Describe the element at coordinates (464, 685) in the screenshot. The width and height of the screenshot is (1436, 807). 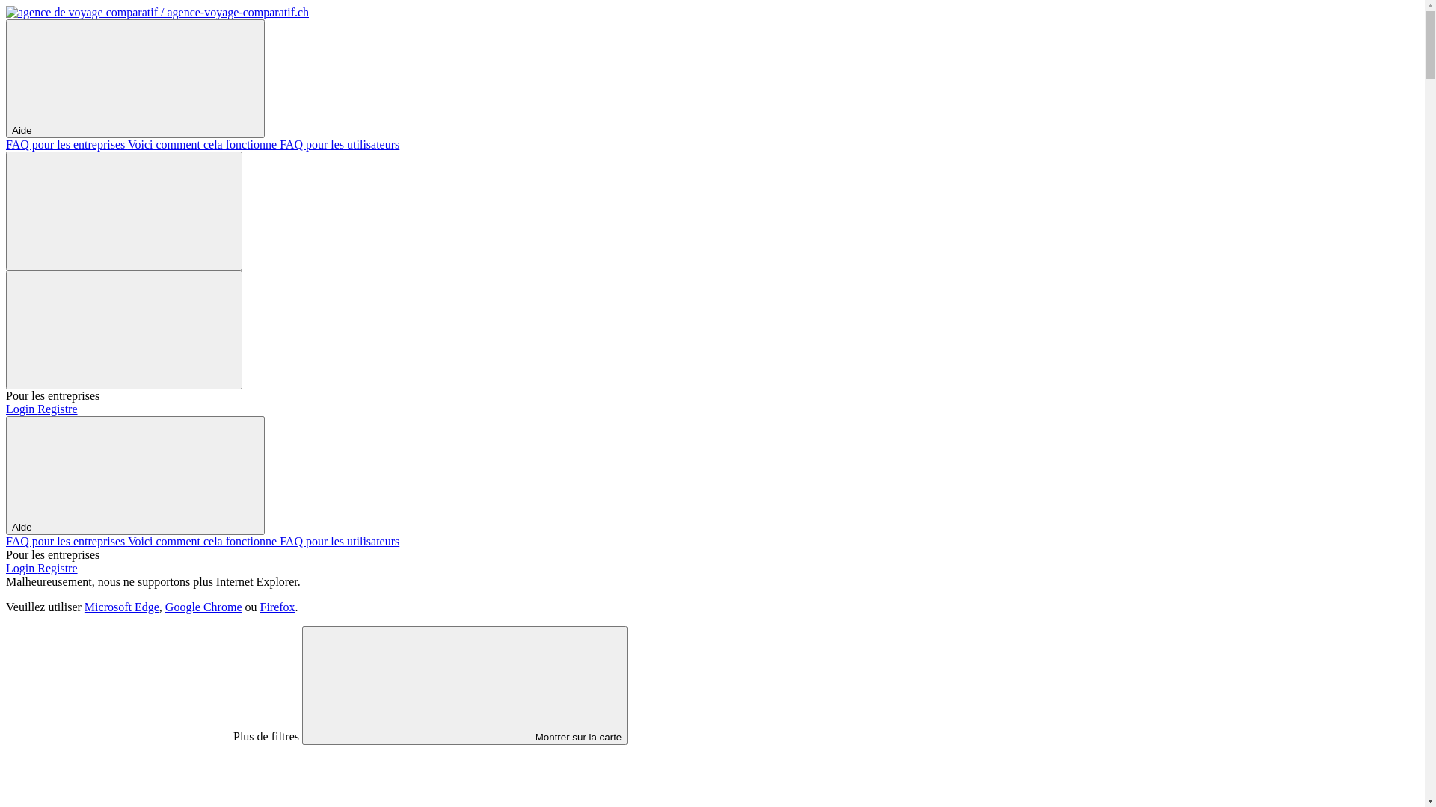
I see `'Montrer sur la carte Montrer sur la carte'` at that location.